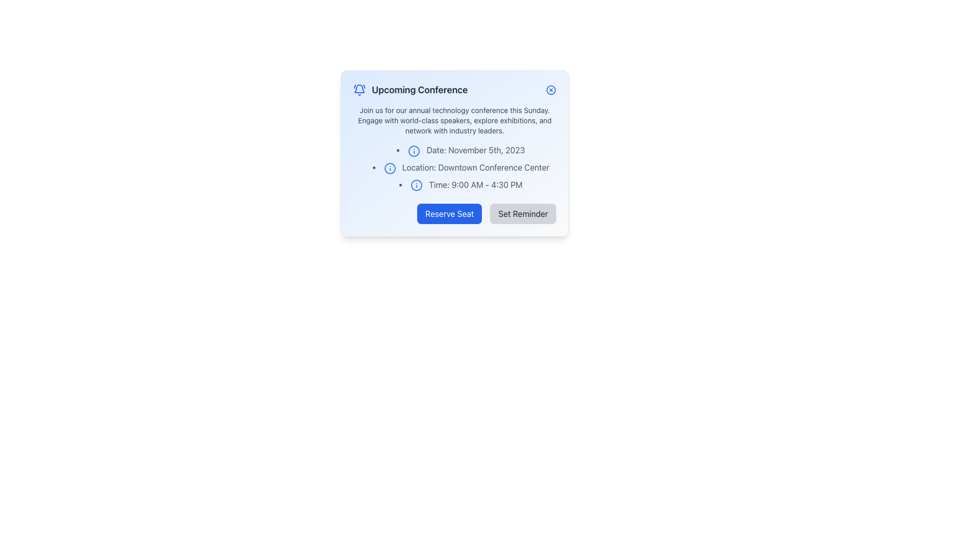 The width and height of the screenshot is (978, 550). What do you see at coordinates (454, 148) in the screenshot?
I see `information presented in the text block located under the 'Upcoming Conference' heading, providing details about the event such as description, date, location, and time` at bounding box center [454, 148].